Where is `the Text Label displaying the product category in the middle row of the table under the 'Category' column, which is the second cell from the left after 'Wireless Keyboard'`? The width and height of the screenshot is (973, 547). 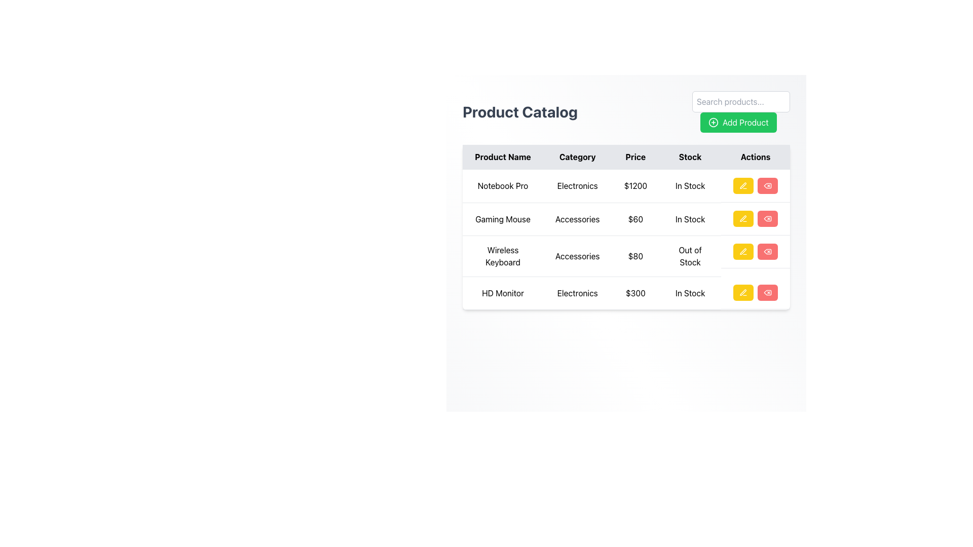
the Text Label displaying the product category in the middle row of the table under the 'Category' column, which is the second cell from the left after 'Wireless Keyboard' is located at coordinates (577, 255).